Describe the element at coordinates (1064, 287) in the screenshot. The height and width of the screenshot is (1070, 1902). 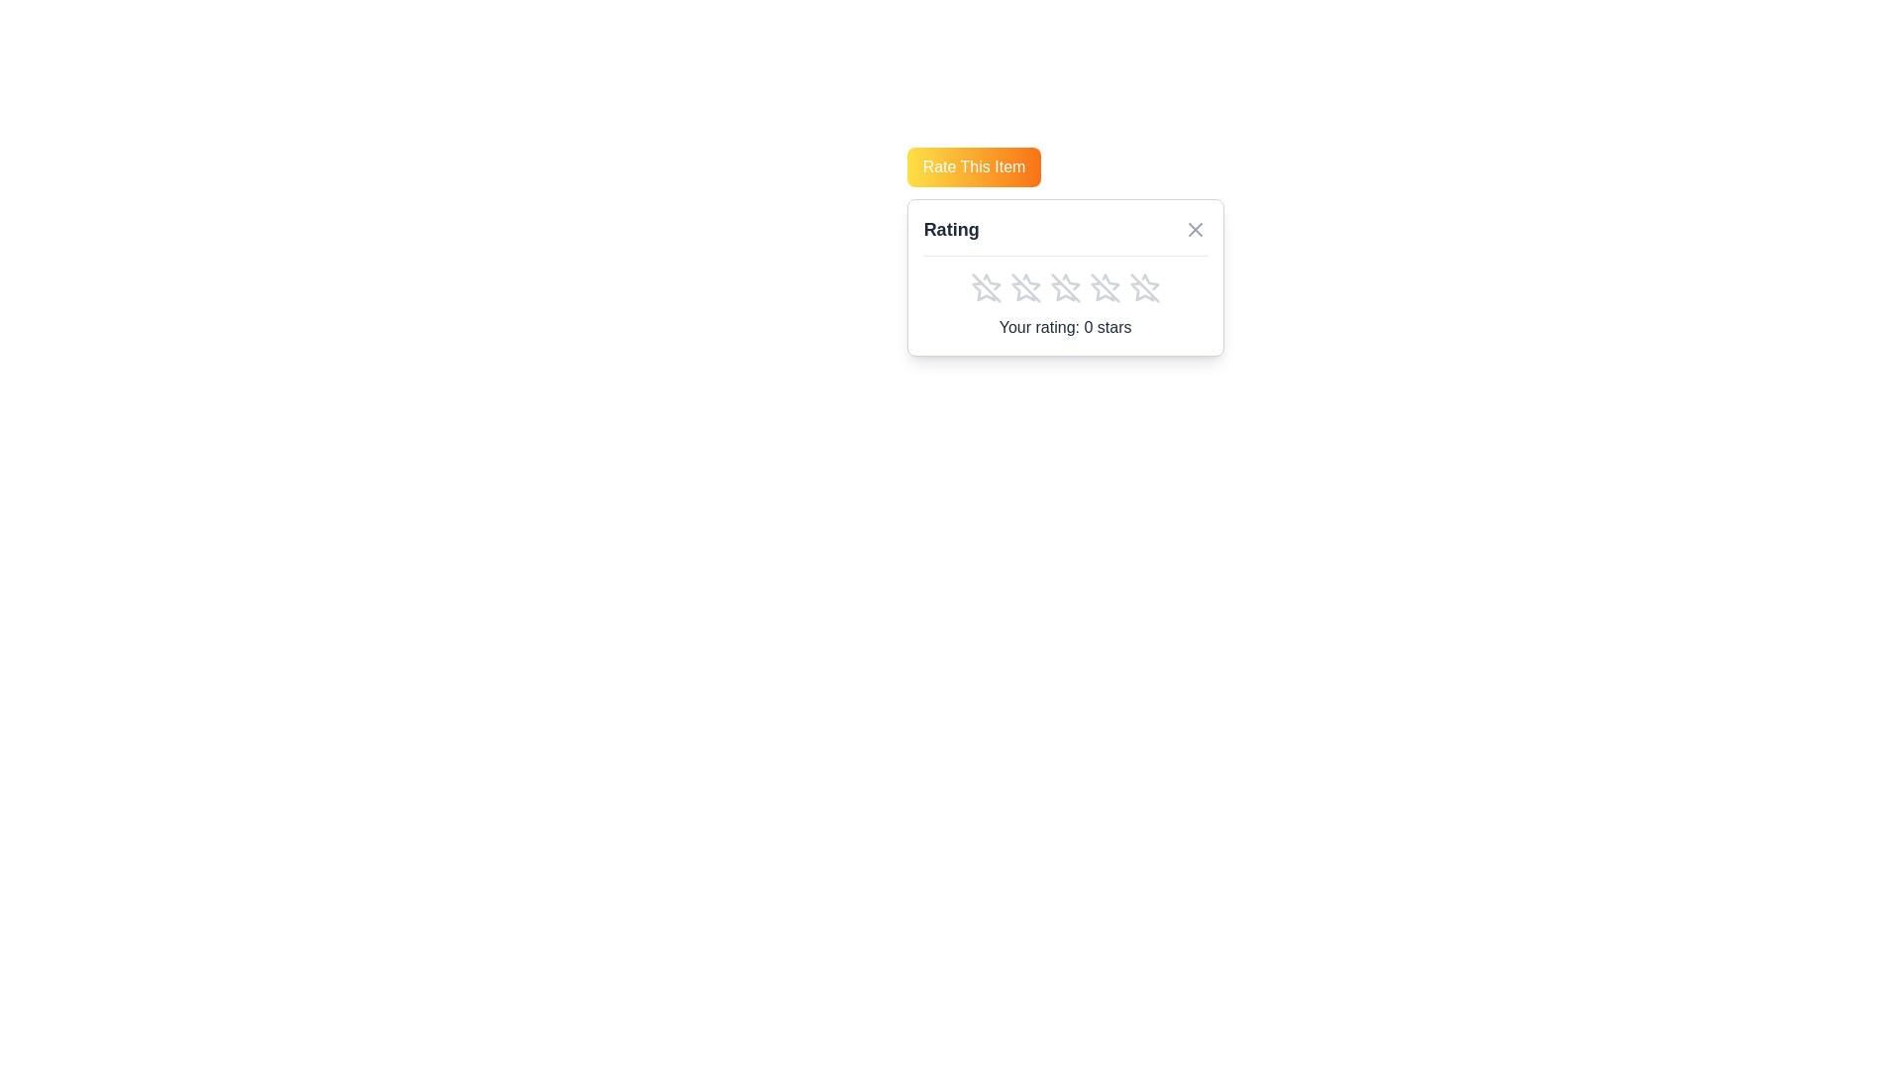
I see `the third star icon in a horizontal sequence of five icons representing a rating system, visually appearing as a slashed-out star icon in light gray color` at that location.